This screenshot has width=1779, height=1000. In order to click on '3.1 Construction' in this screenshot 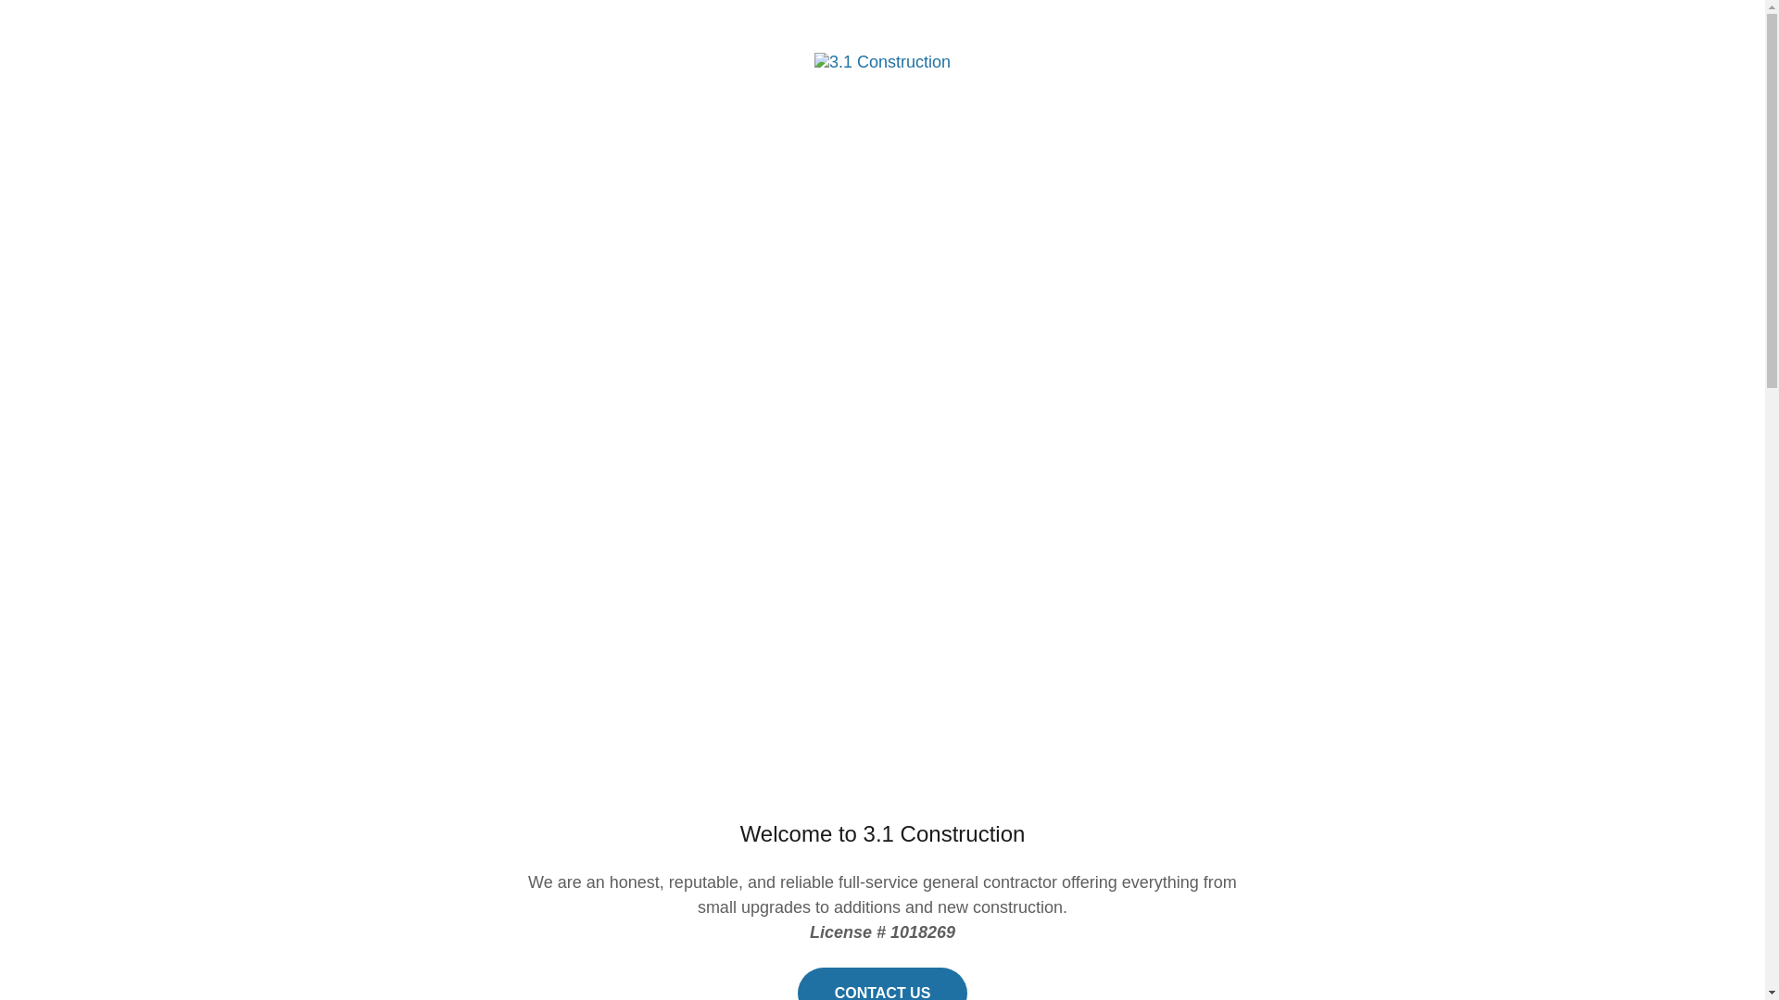, I will do `click(881, 59)`.